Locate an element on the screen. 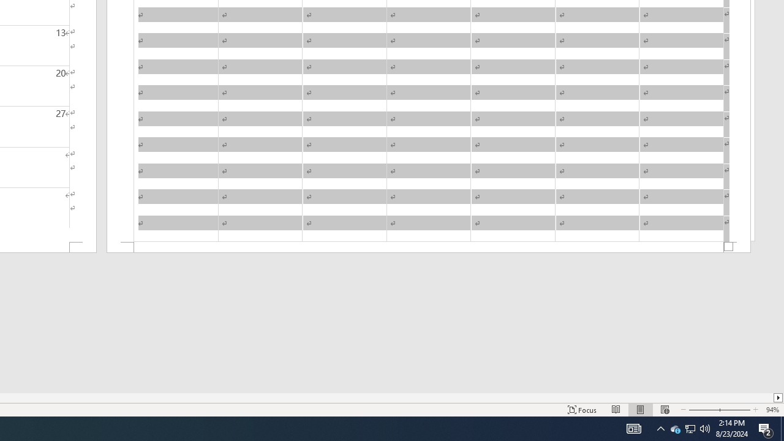 The image size is (784, 441). 'Read Mode' is located at coordinates (616, 410).